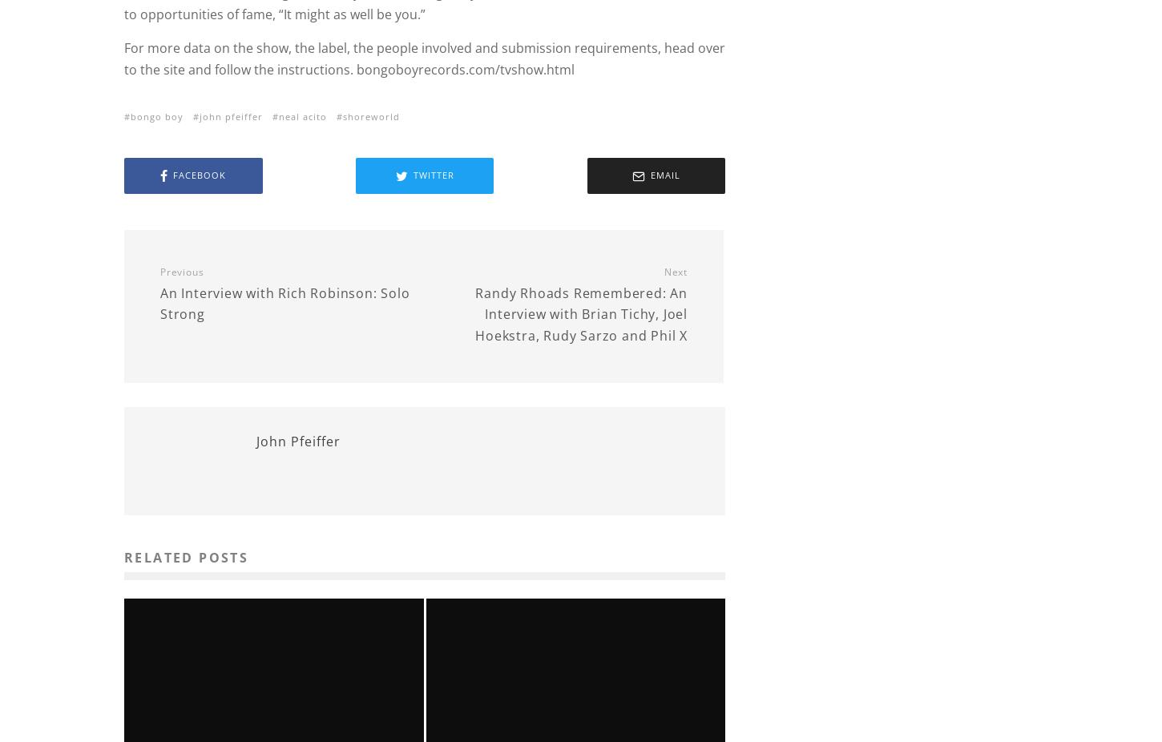 This screenshot has width=1162, height=742. What do you see at coordinates (676, 272) in the screenshot?
I see `'Next'` at bounding box center [676, 272].